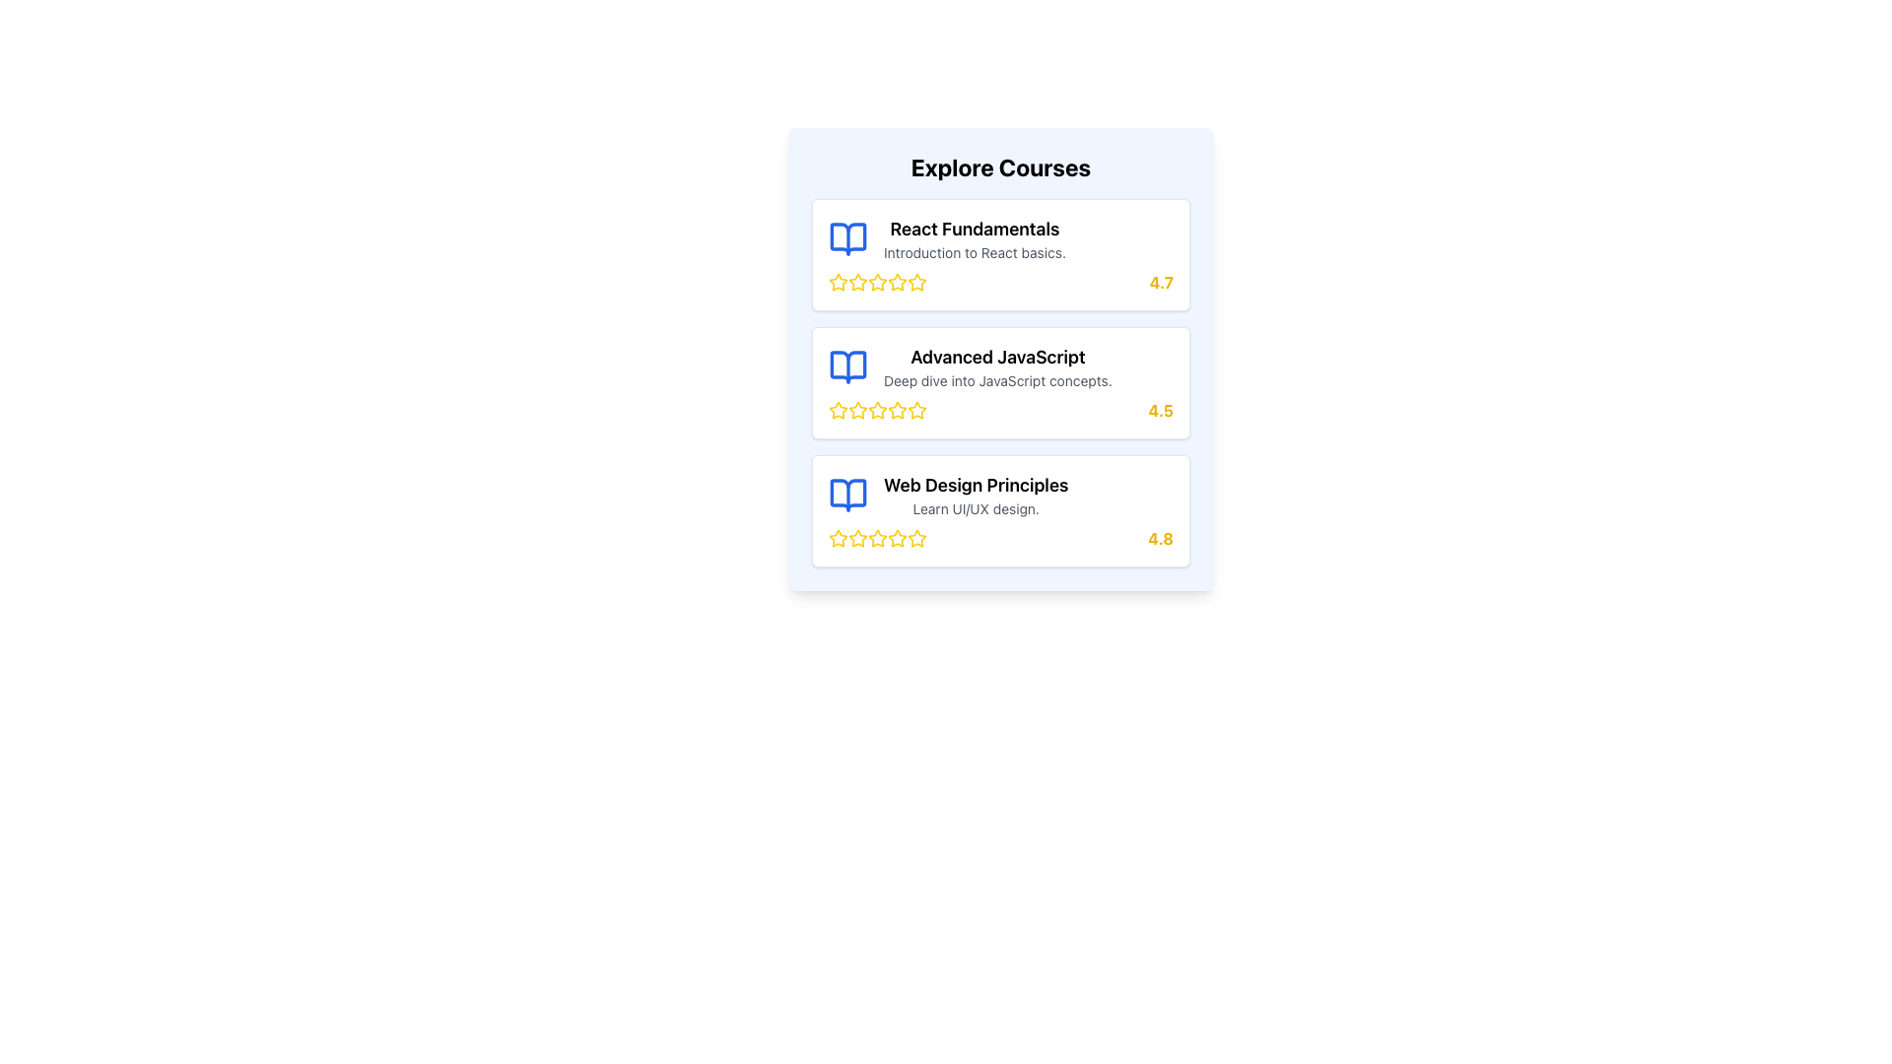  What do you see at coordinates (975, 252) in the screenshot?
I see `the text label displaying 'Introduction to React basics.', which is styled in a small font size and gray color, located directly below the headline 'React Fundamentals' in the course listing card` at bounding box center [975, 252].